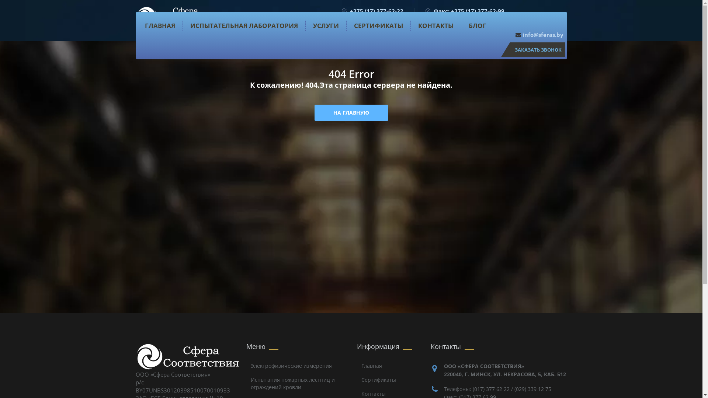 The height and width of the screenshot is (398, 708). What do you see at coordinates (376, 11) in the screenshot?
I see `'+375 (17) 377-62-22'` at bounding box center [376, 11].